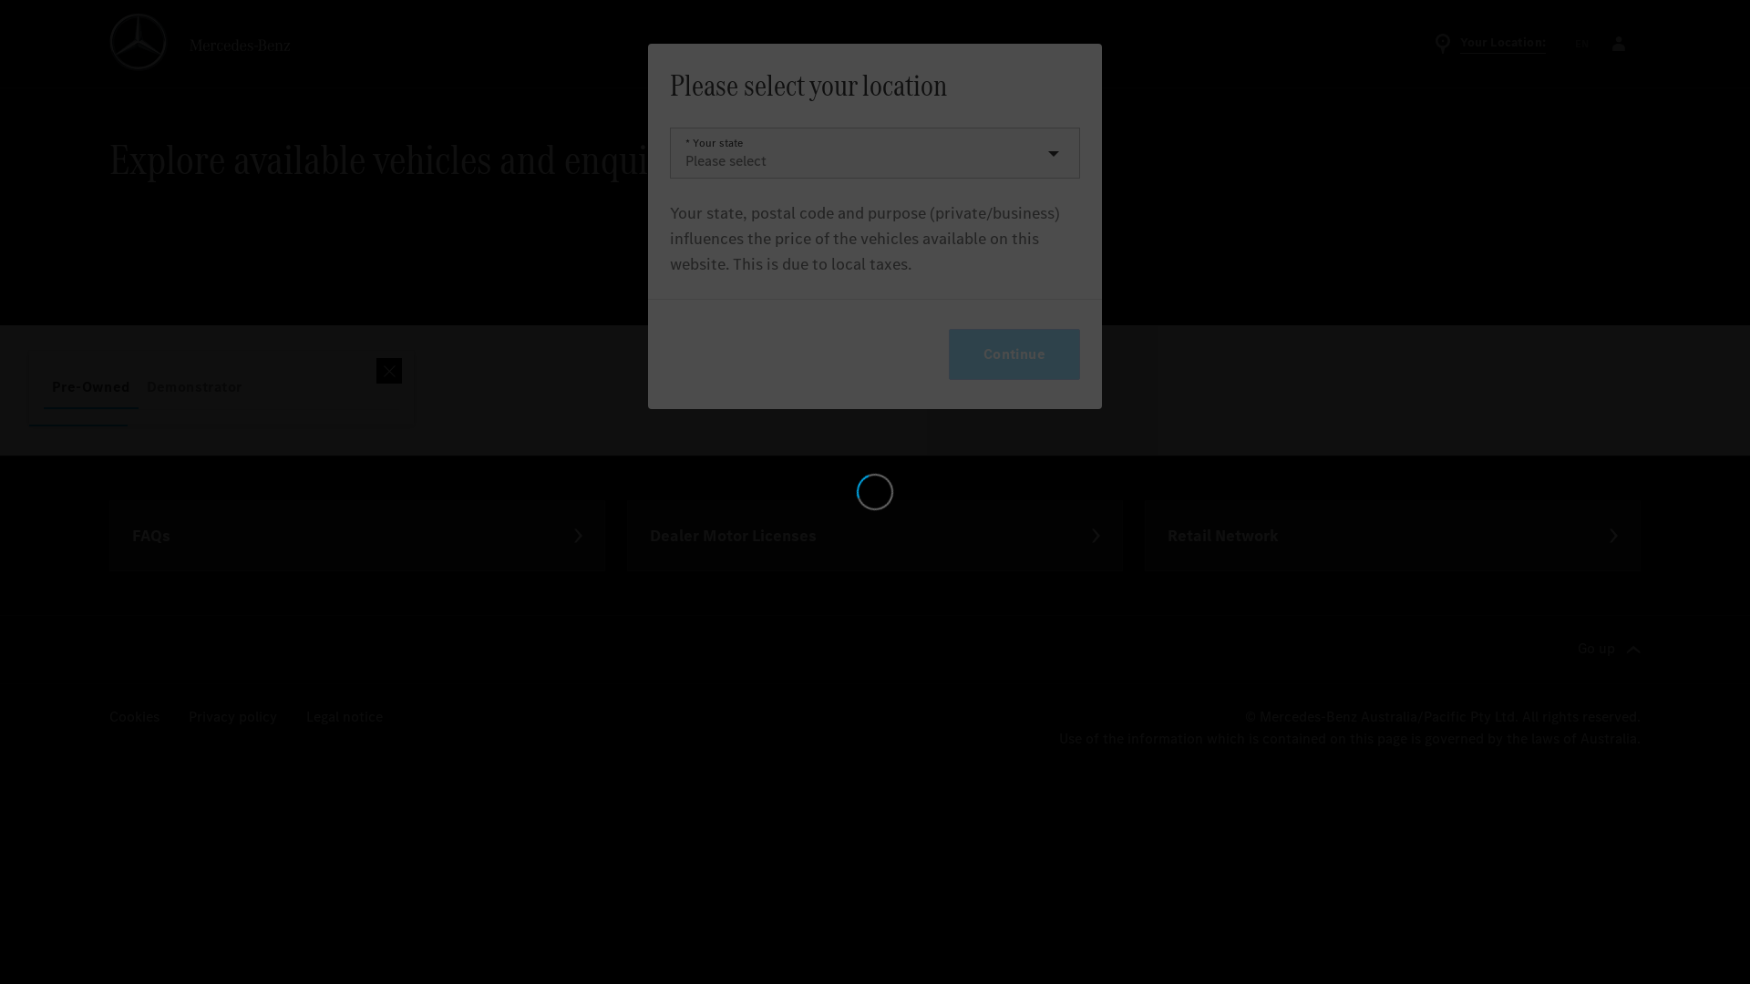 The width and height of the screenshot is (1750, 984). Describe the element at coordinates (1609, 649) in the screenshot. I see `'Go up'` at that location.